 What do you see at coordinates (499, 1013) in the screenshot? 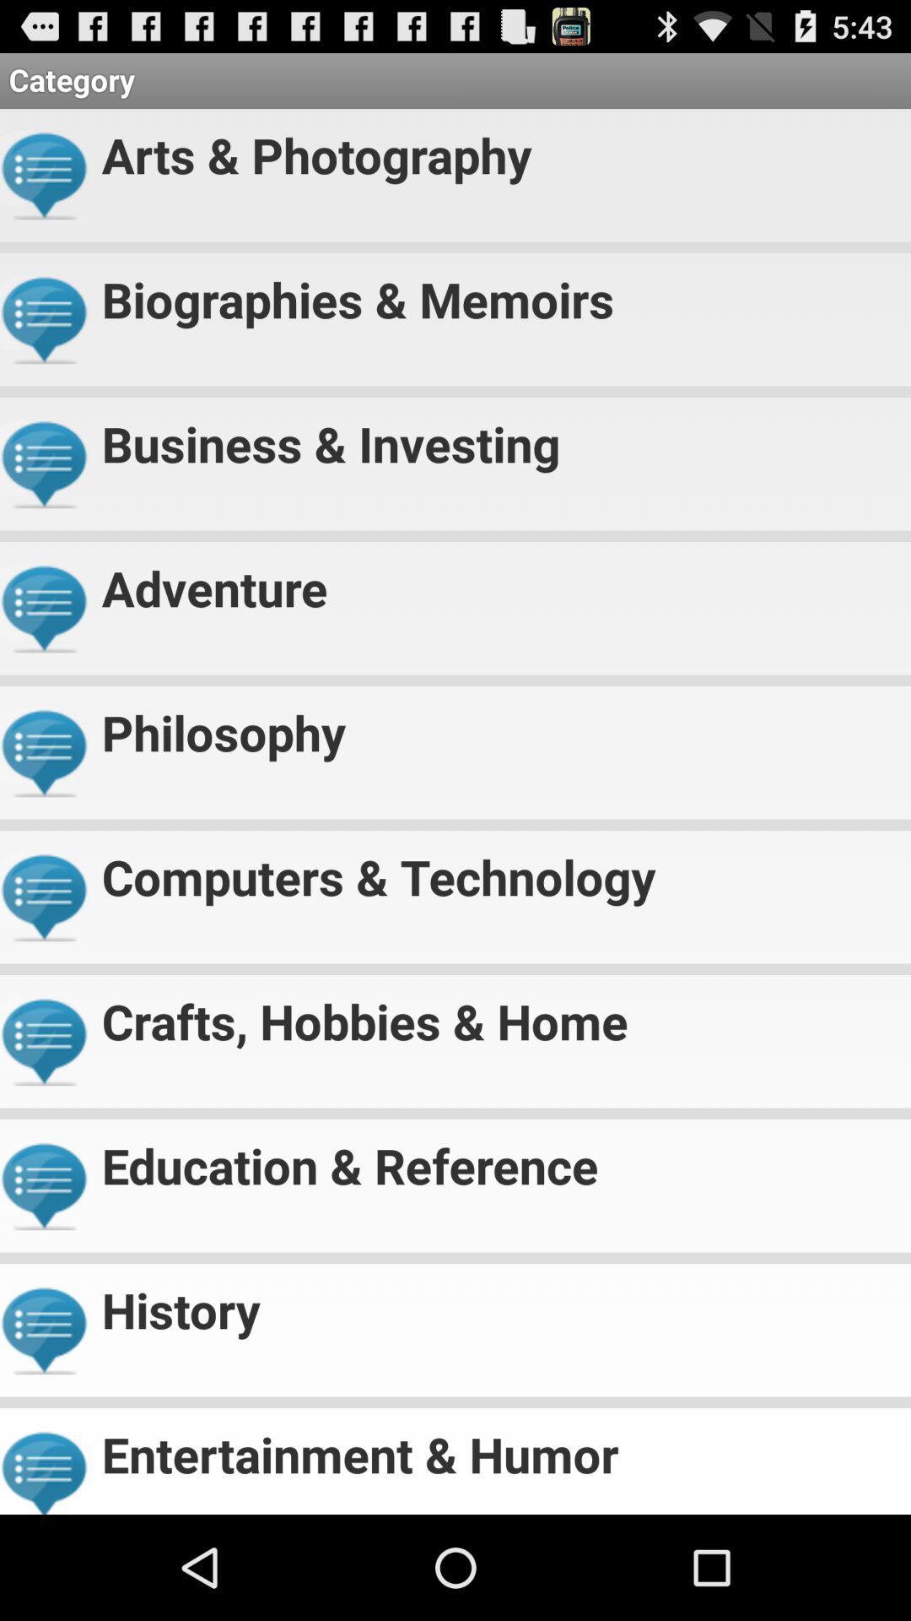
I see `the crafts, hobbies & home app` at bounding box center [499, 1013].